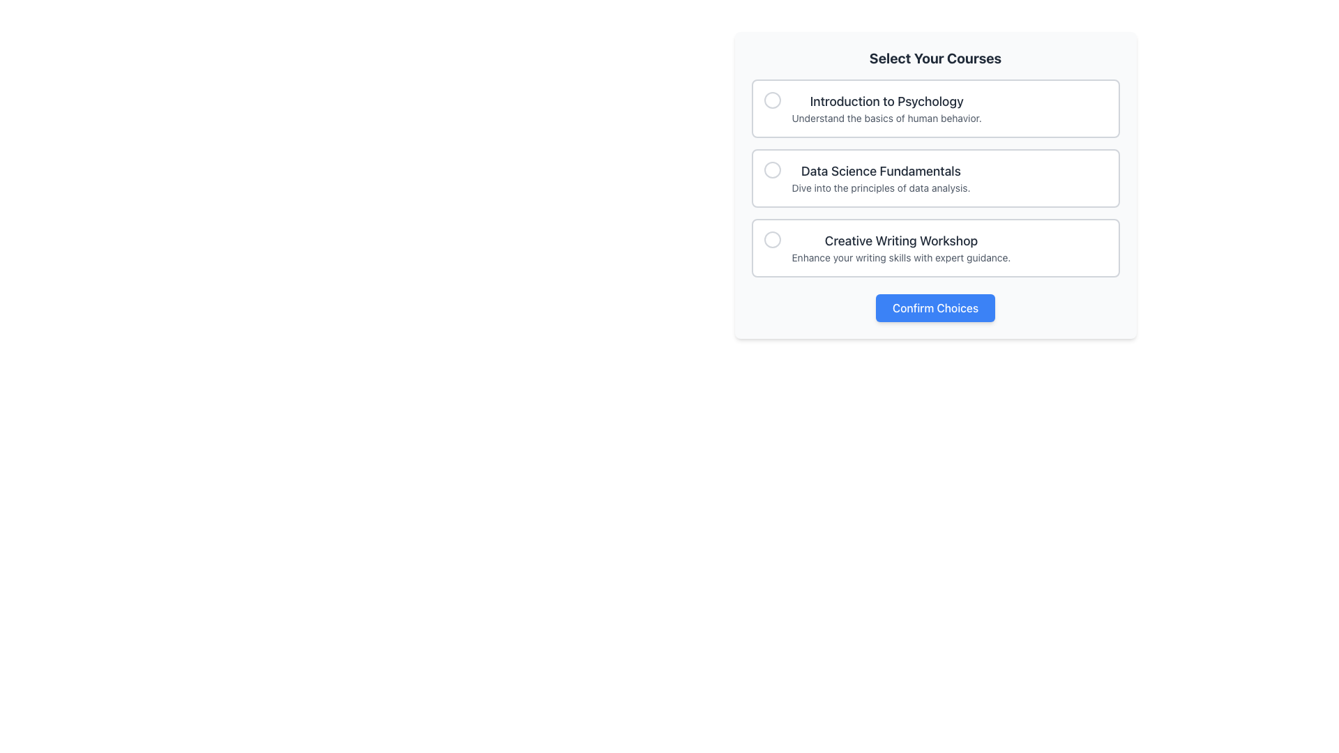 The height and width of the screenshot is (753, 1339). What do you see at coordinates (886, 107) in the screenshot?
I see `text information from the first course option in the 'Select Your Courses' interface, located beneath the circular selection button` at bounding box center [886, 107].